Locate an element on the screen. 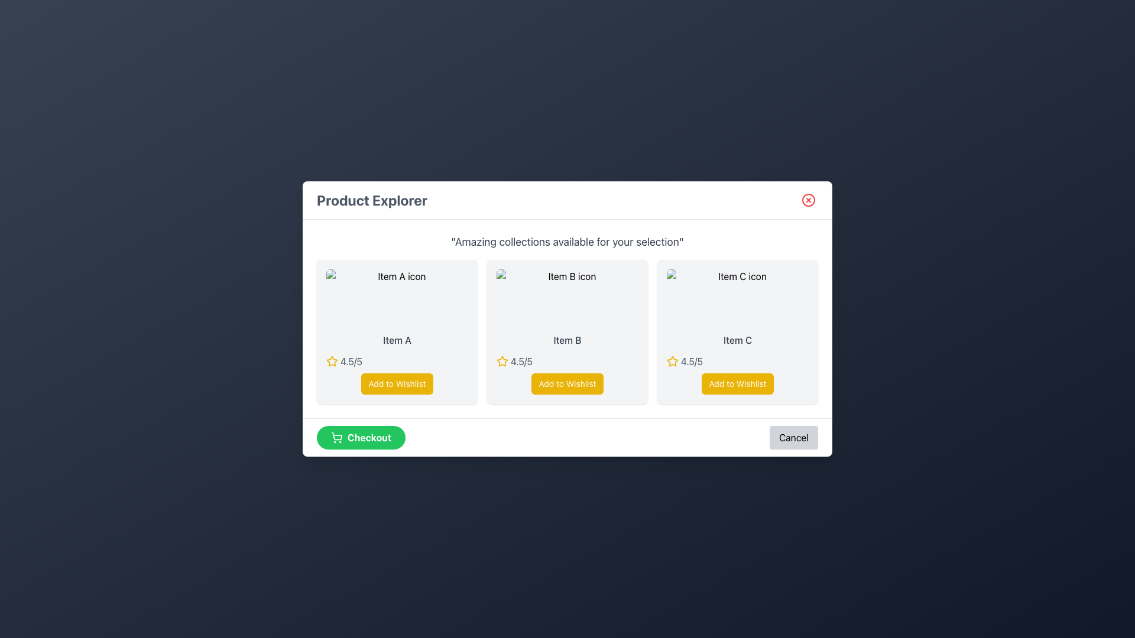 The width and height of the screenshot is (1135, 638). the shopping cart SVG icon located to the left of the 'Checkout' button at the bottom of the dialog interface is located at coordinates (336, 437).